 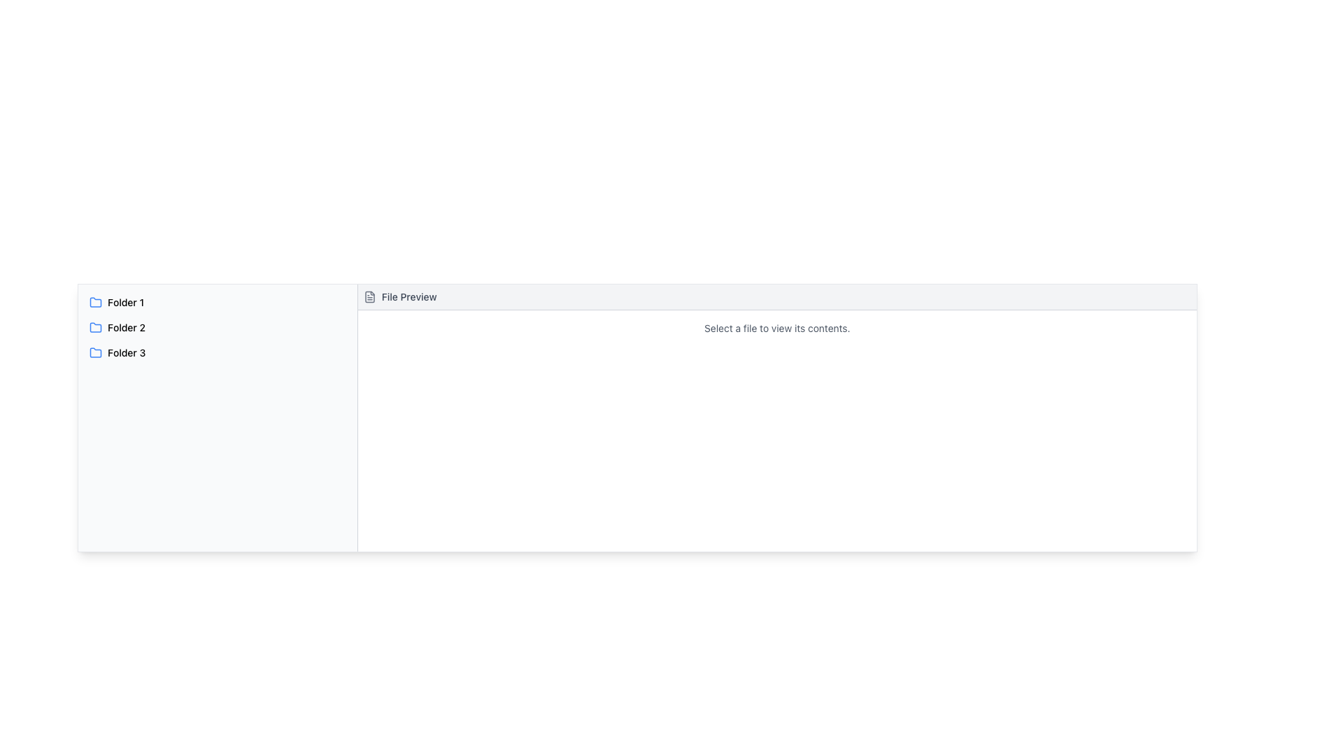 What do you see at coordinates (95, 301) in the screenshot?
I see `the Folder Icon that represents 'Folder 1' in the left panel of the interface` at bounding box center [95, 301].